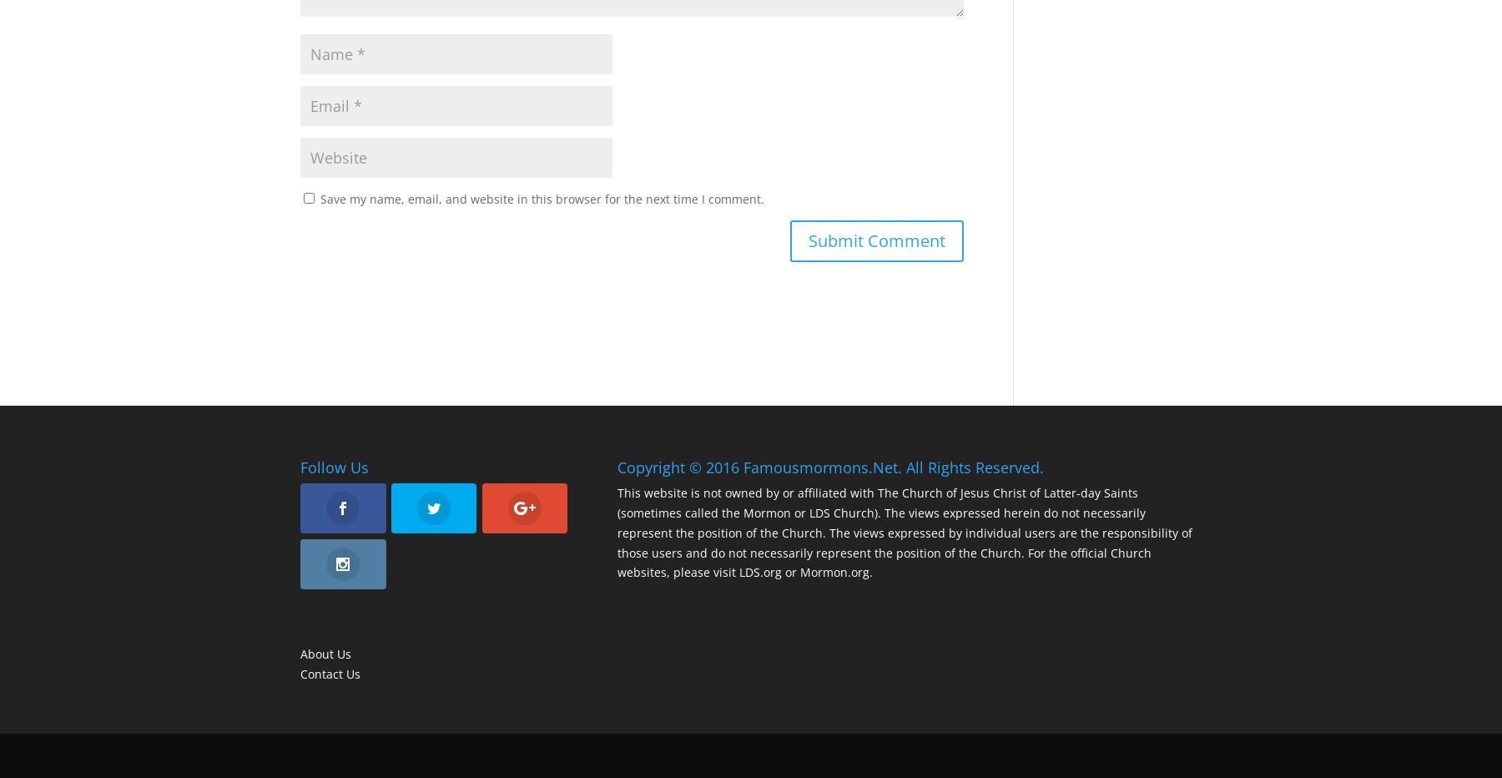 This screenshot has width=1502, height=778. What do you see at coordinates (325, 653) in the screenshot?
I see `'About Us'` at bounding box center [325, 653].